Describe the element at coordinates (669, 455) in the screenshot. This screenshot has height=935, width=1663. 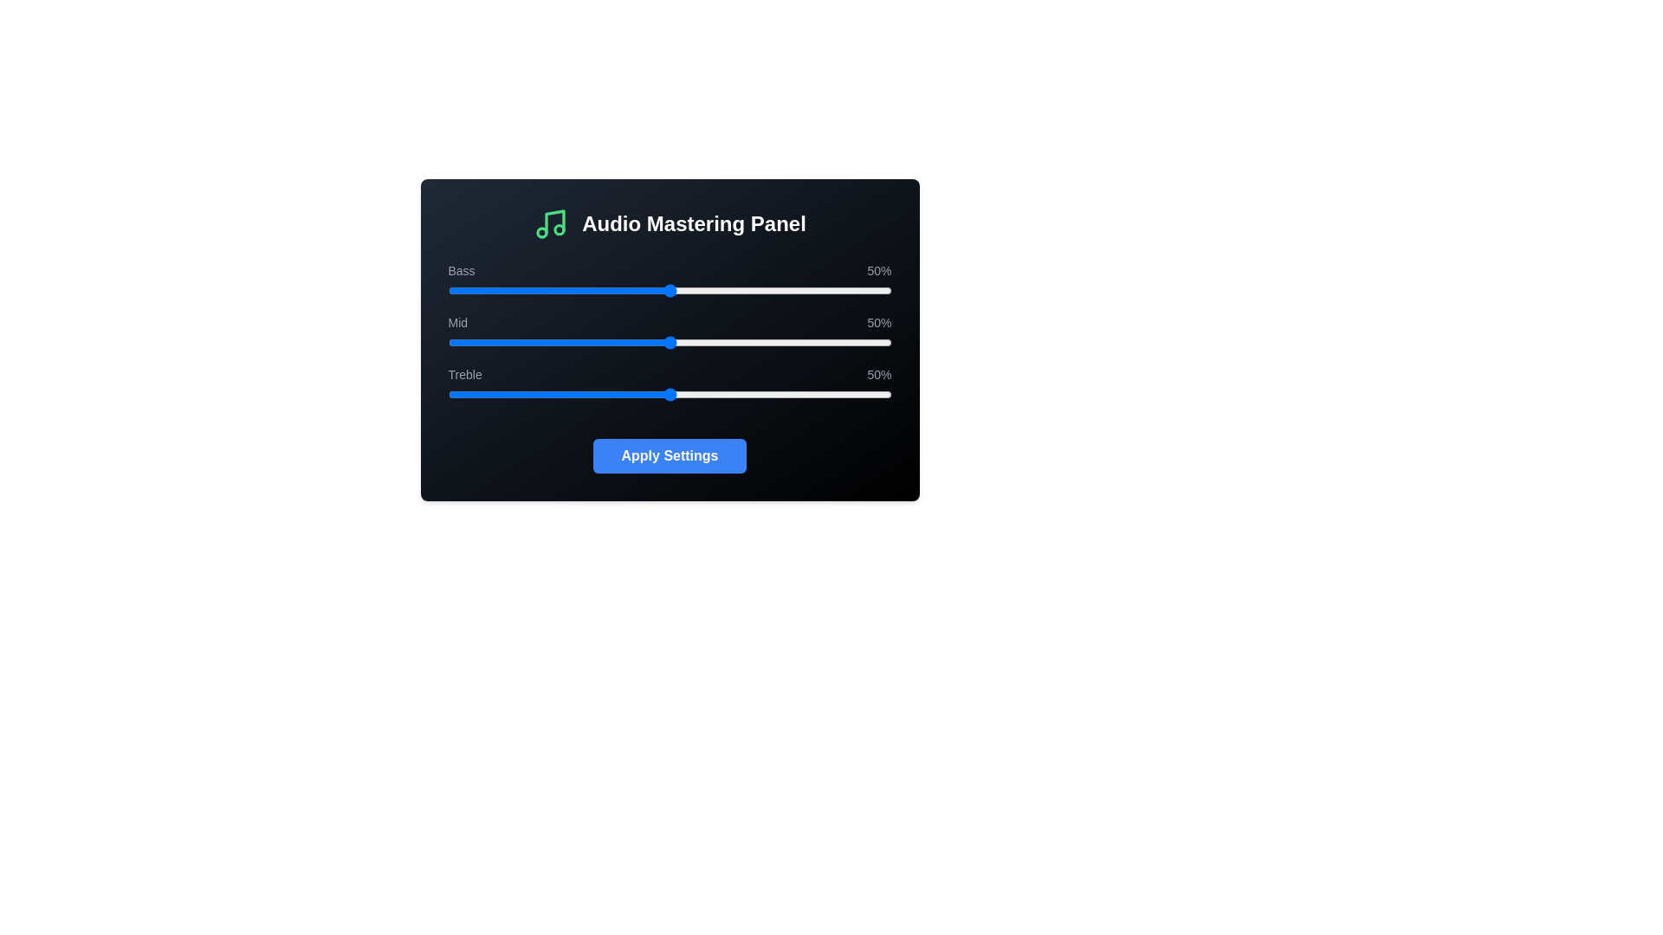
I see `the 'Apply Settings' button` at that location.